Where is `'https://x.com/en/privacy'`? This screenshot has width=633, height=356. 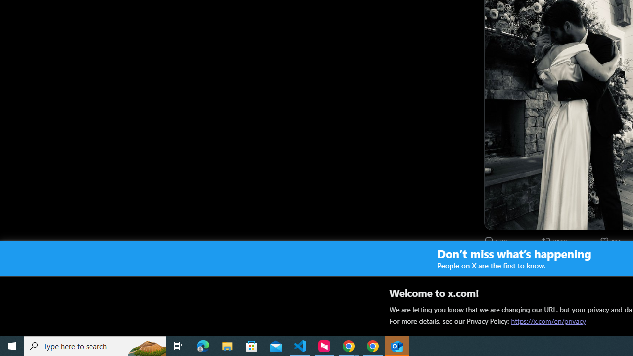 'https://x.com/en/privacy' is located at coordinates (548, 321).